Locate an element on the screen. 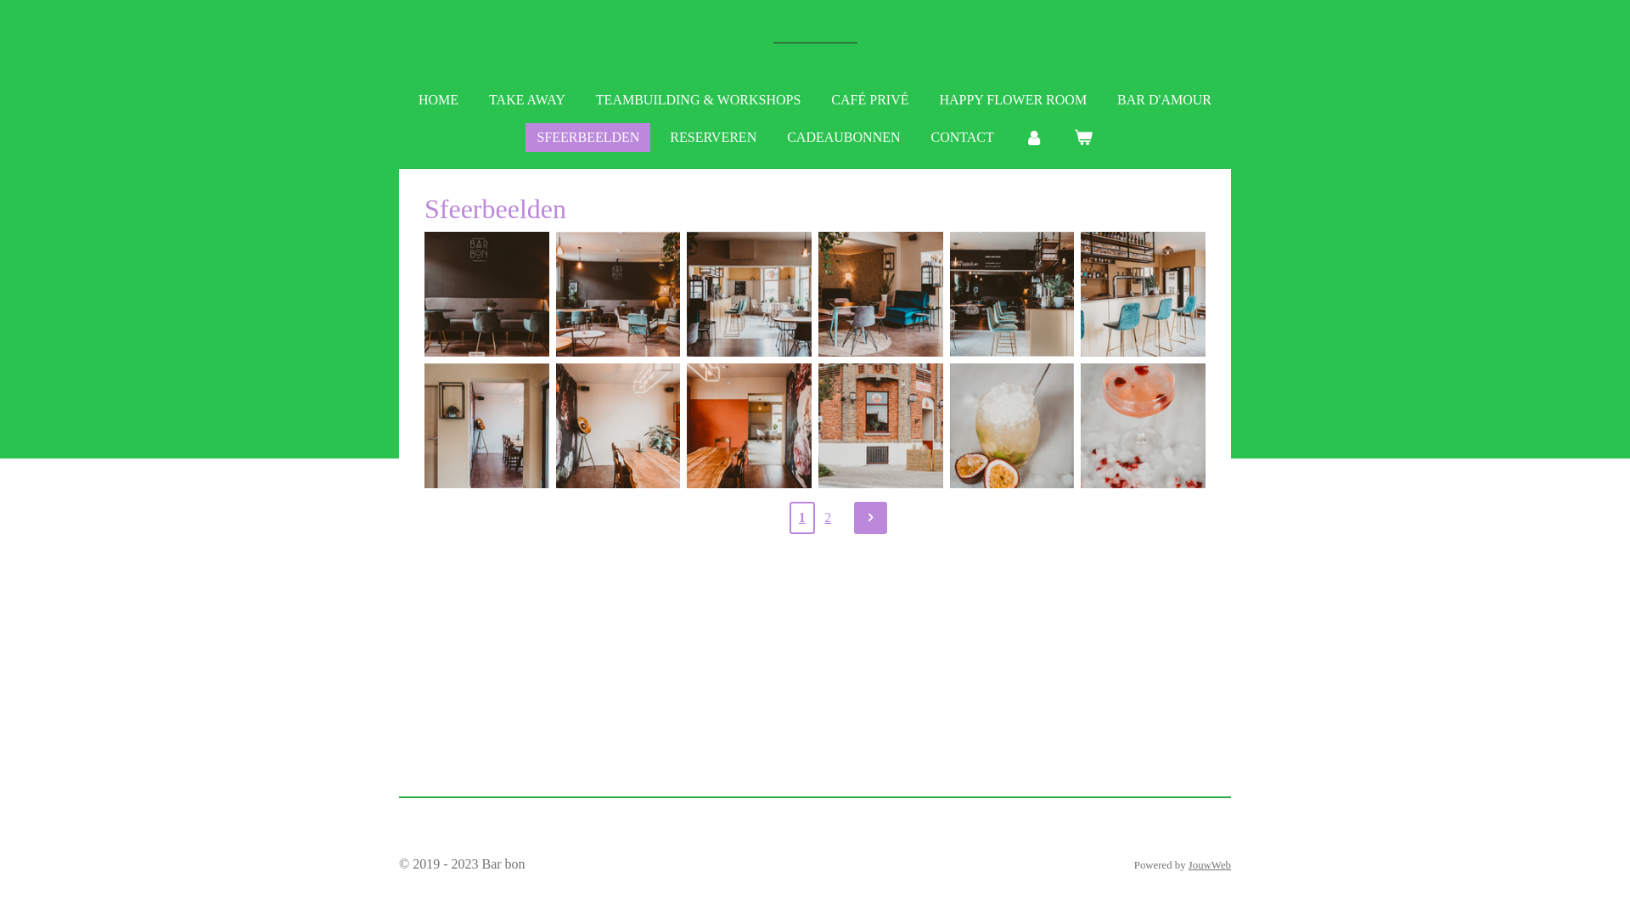 Image resolution: width=1630 pixels, height=917 pixels. 'HOME' is located at coordinates (438, 100).